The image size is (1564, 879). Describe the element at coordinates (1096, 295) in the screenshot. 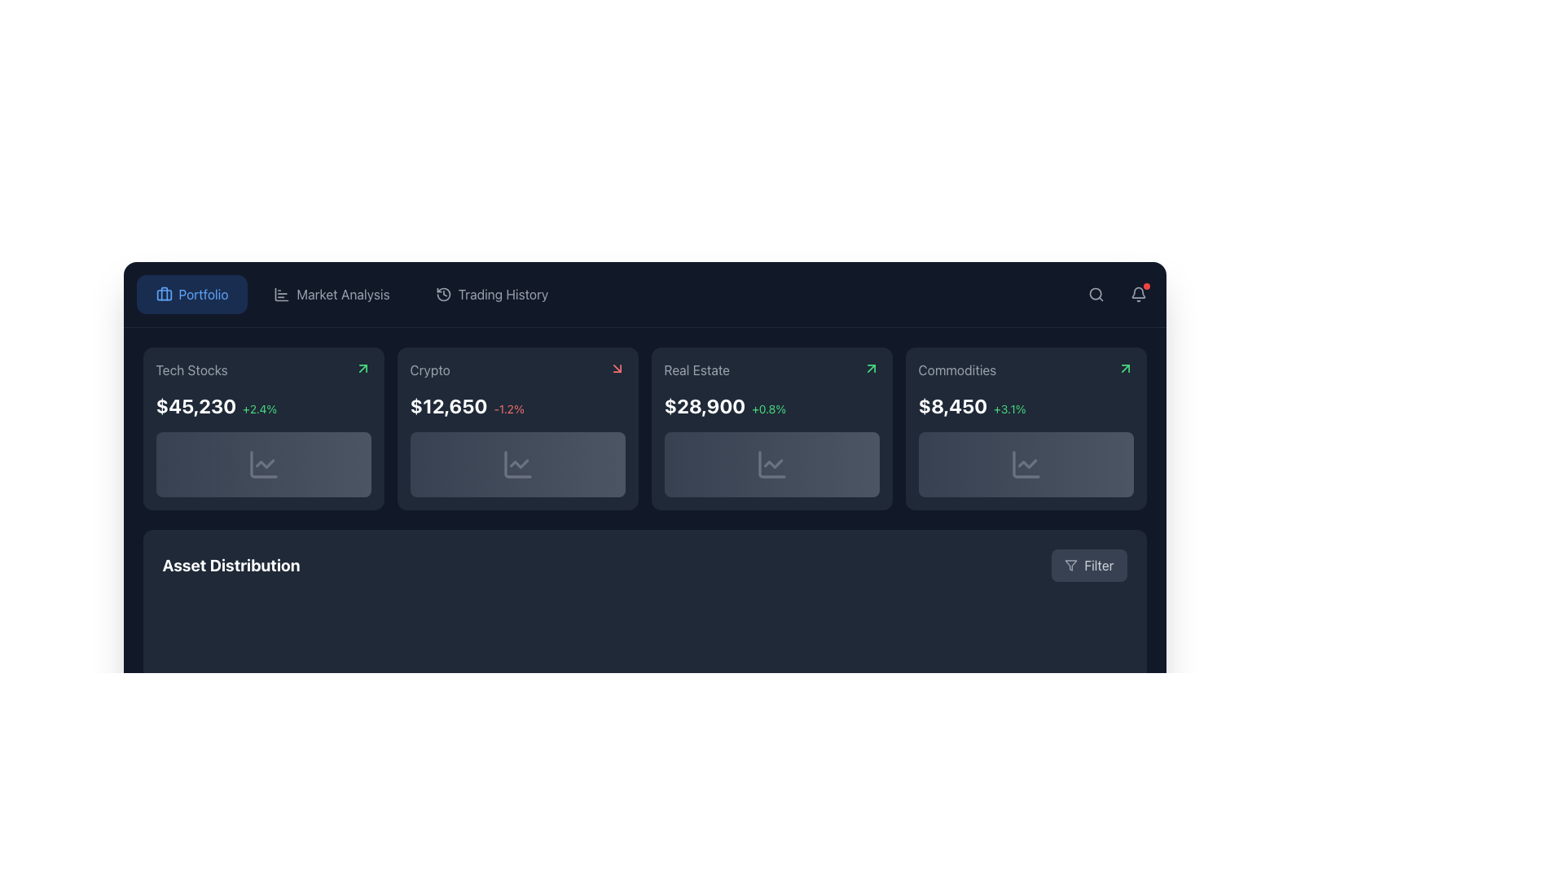

I see `the search button located at the top right corner of the interface` at that location.